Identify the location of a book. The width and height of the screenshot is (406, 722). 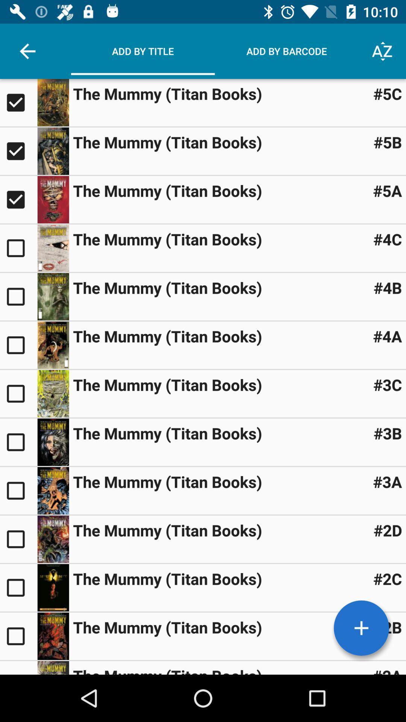
(361, 628).